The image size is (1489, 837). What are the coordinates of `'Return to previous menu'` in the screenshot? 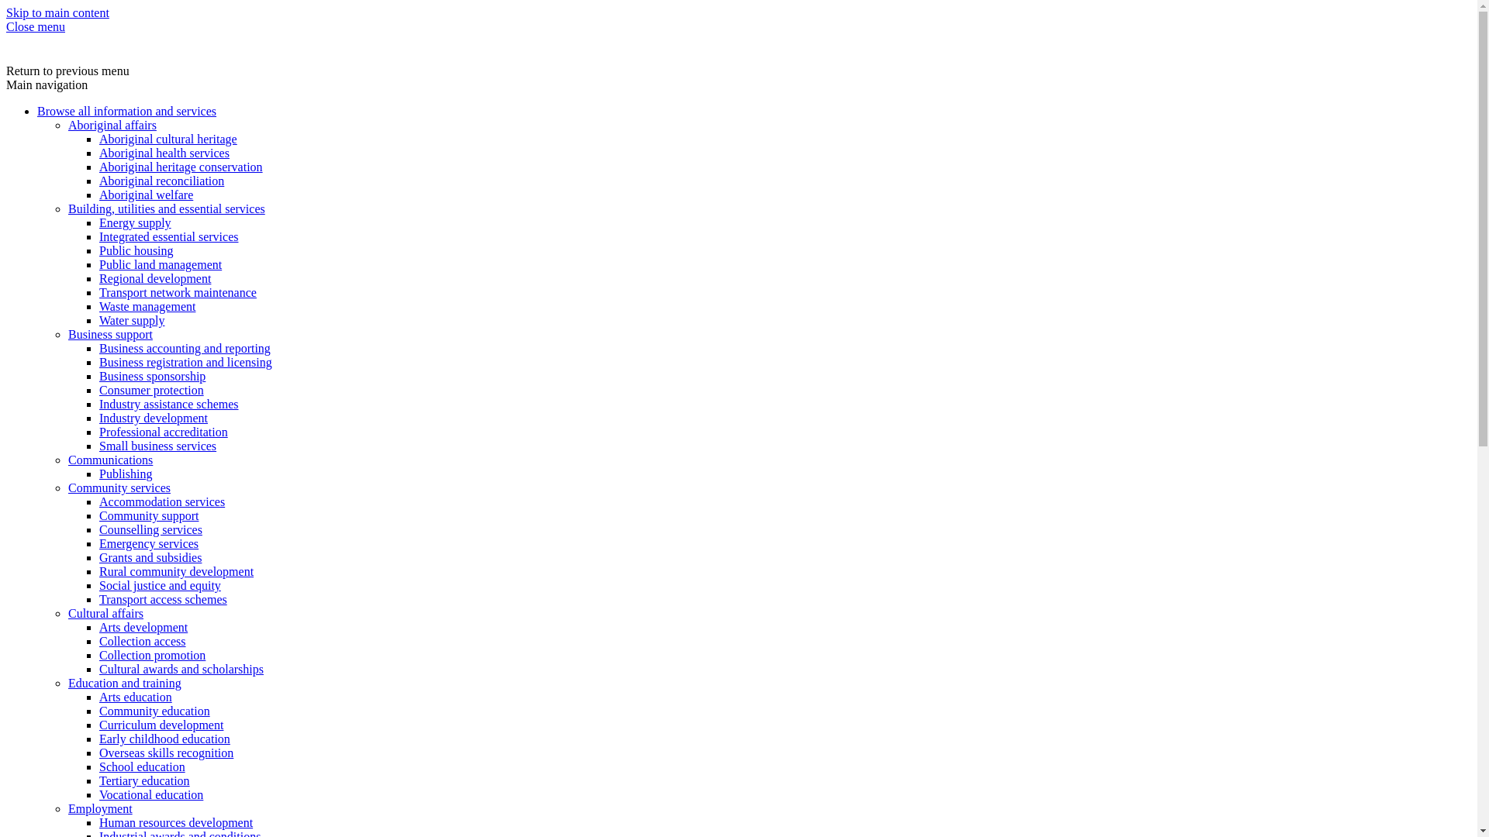 It's located at (67, 71).